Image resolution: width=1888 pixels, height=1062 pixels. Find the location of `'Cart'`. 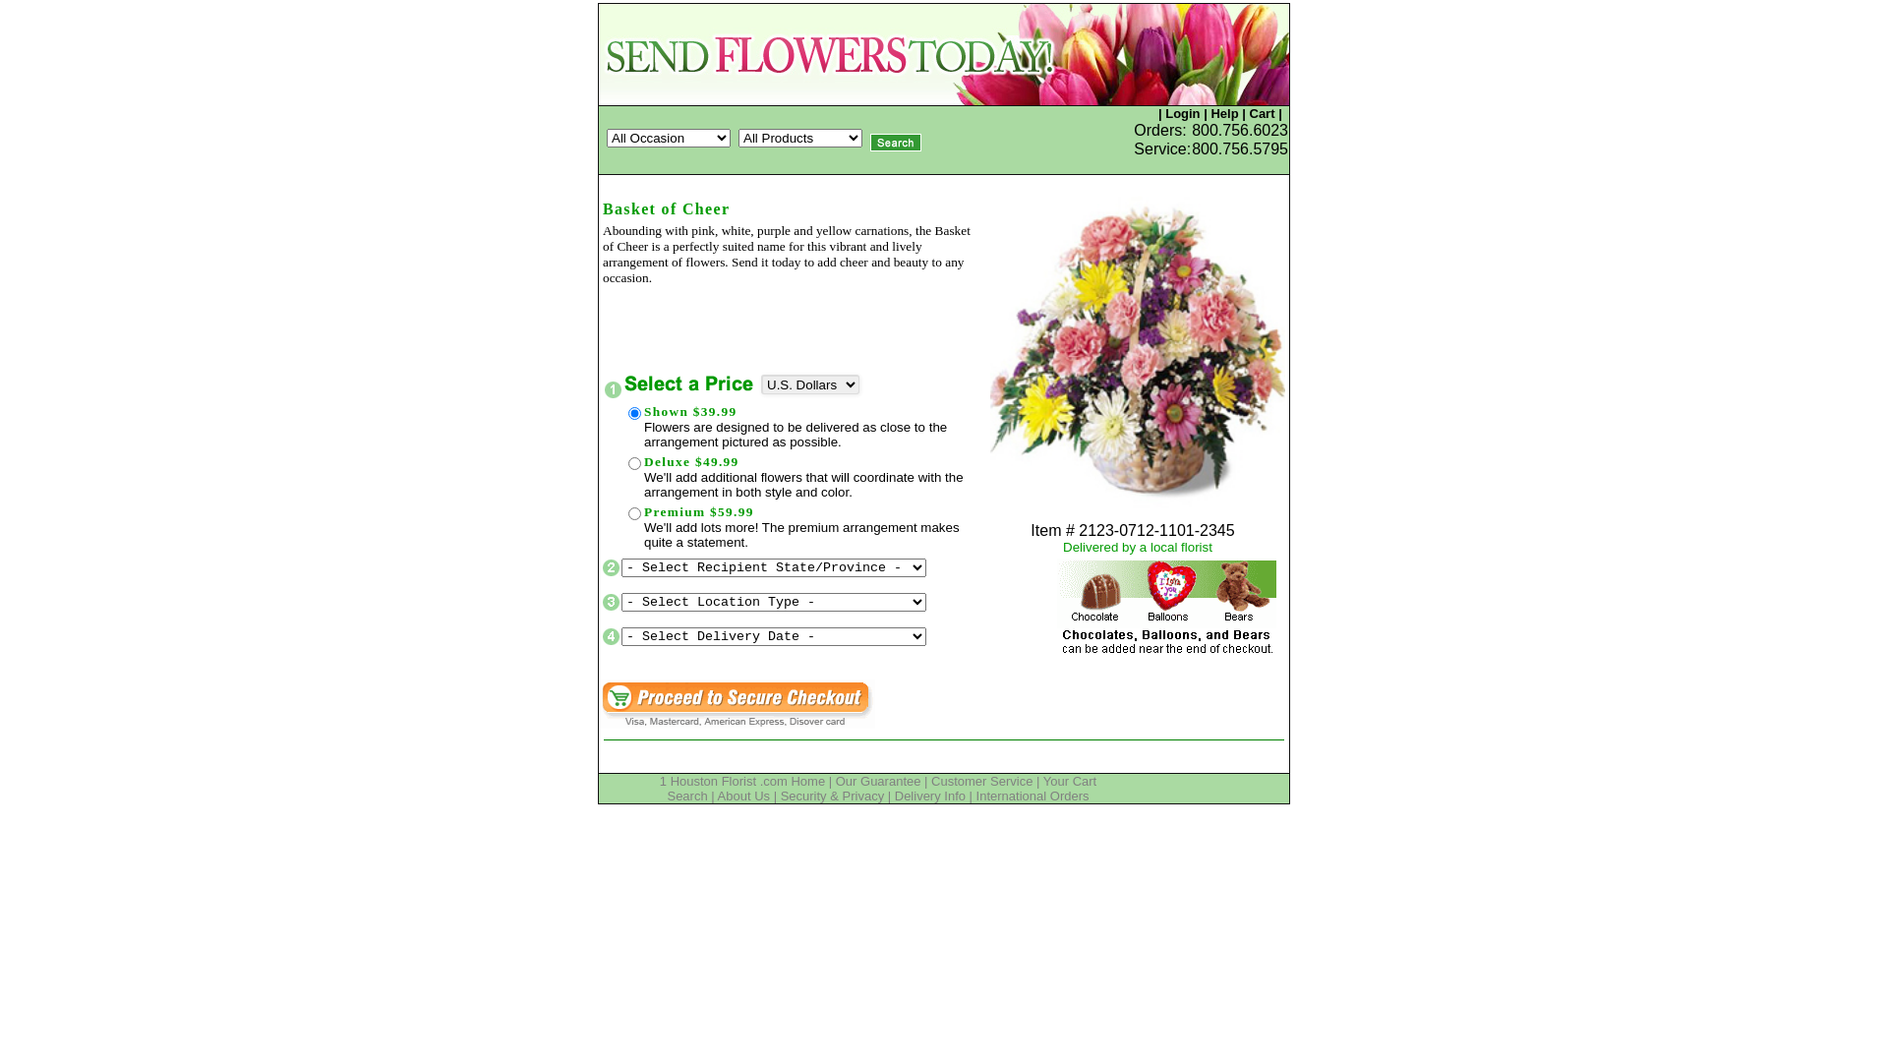

'Cart' is located at coordinates (1261, 113).